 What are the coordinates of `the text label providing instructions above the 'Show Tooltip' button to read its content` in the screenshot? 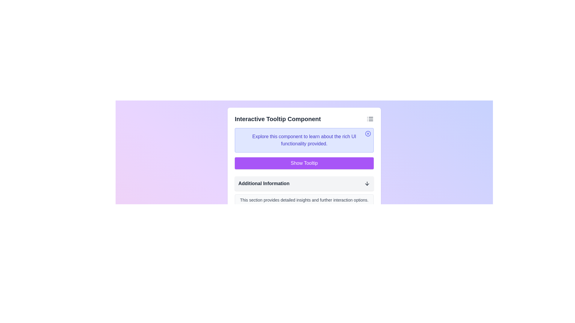 It's located at (304, 140).